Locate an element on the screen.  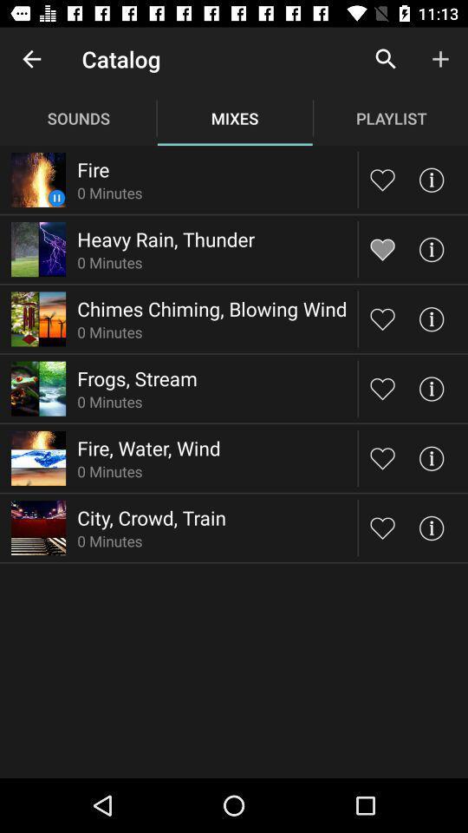
interact with page is located at coordinates (430, 318).